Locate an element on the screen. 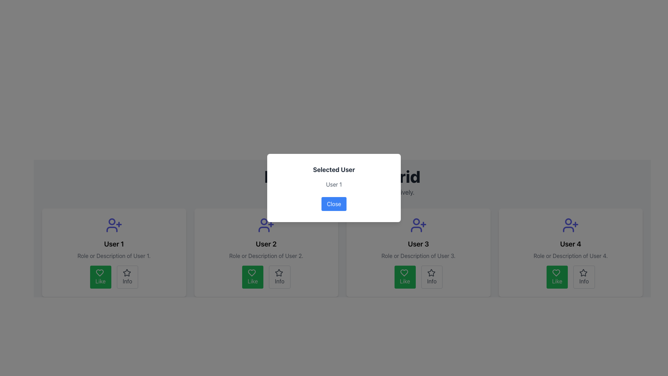  the heart icon that signifies the 'Like' action, located on the left side of the button group below the 'User 3' panel is located at coordinates (404, 272).